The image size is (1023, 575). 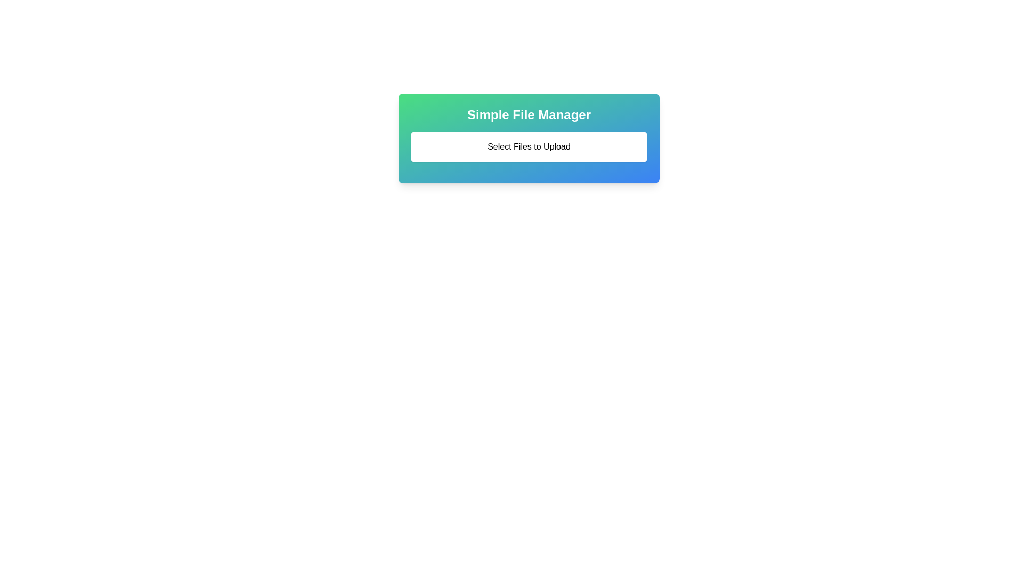 I want to click on the file selection button located below the 'Simple File Manager' title to observe interactive visual feedback, so click(x=529, y=147).